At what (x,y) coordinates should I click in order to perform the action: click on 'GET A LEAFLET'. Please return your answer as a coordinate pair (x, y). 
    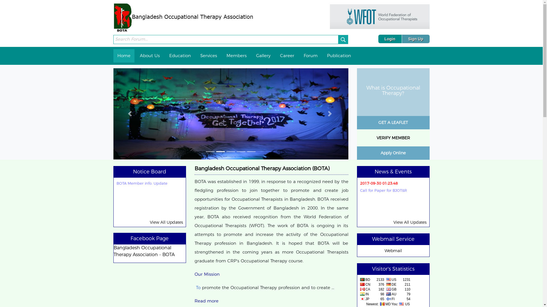
    Looking at the image, I should click on (393, 121).